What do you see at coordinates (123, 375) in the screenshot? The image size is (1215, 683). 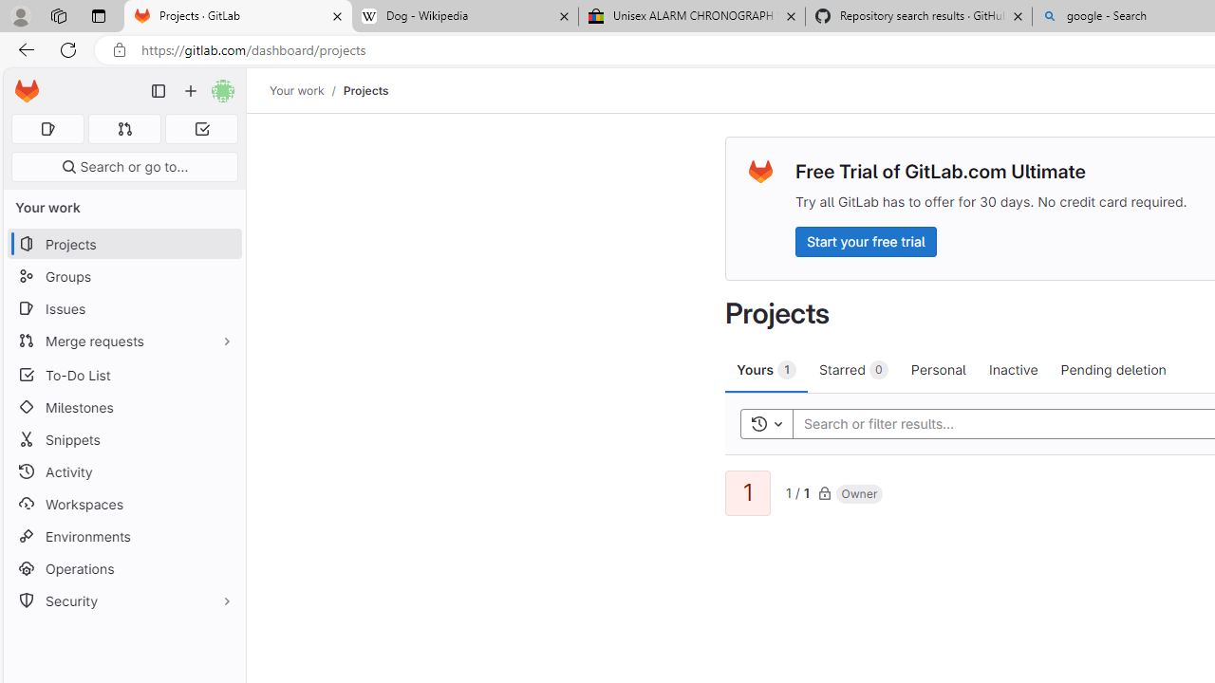 I see `'To-Do List'` at bounding box center [123, 375].